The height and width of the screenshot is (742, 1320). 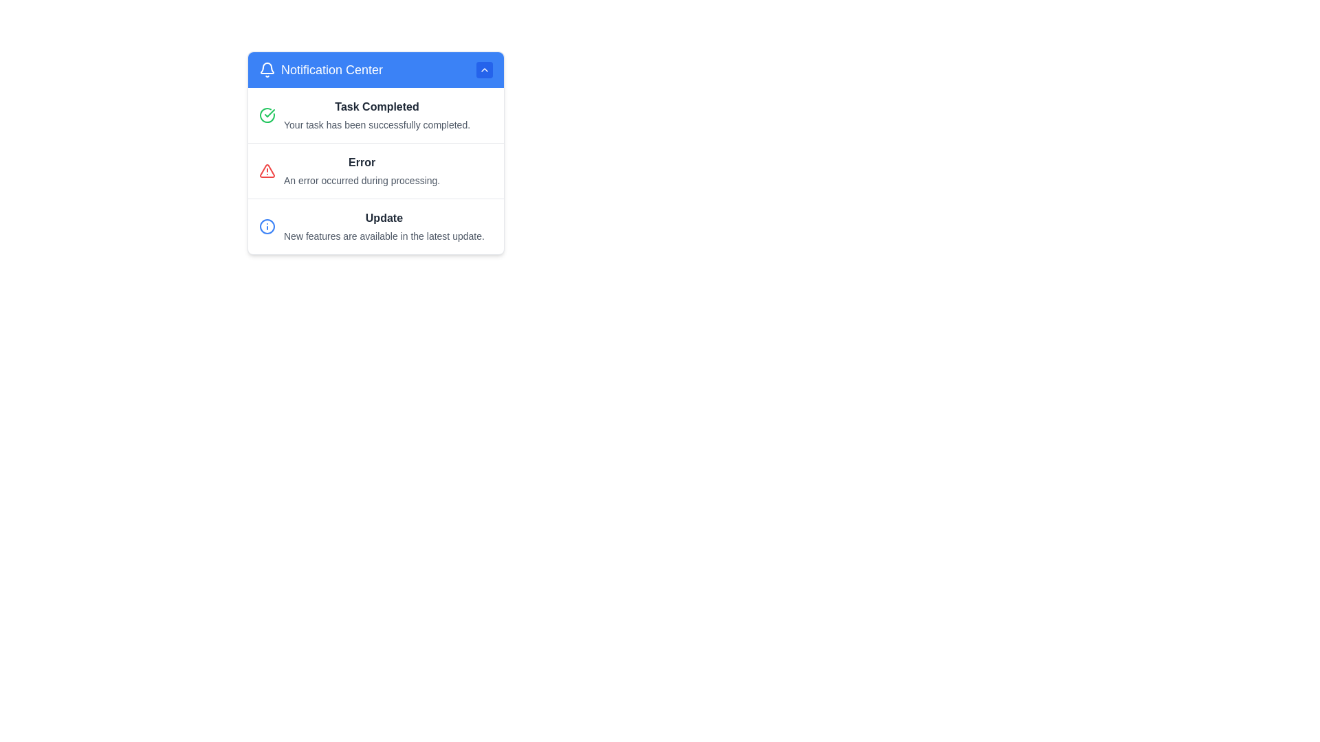 What do you see at coordinates (377, 106) in the screenshot?
I see `the Text Display element that serves as the title for the notification indicating task completion, located in the header section of the notification` at bounding box center [377, 106].